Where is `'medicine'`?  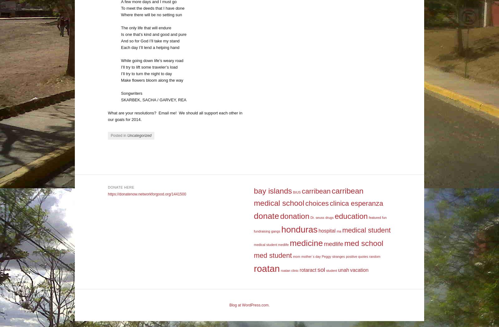
'medicine' is located at coordinates (306, 243).